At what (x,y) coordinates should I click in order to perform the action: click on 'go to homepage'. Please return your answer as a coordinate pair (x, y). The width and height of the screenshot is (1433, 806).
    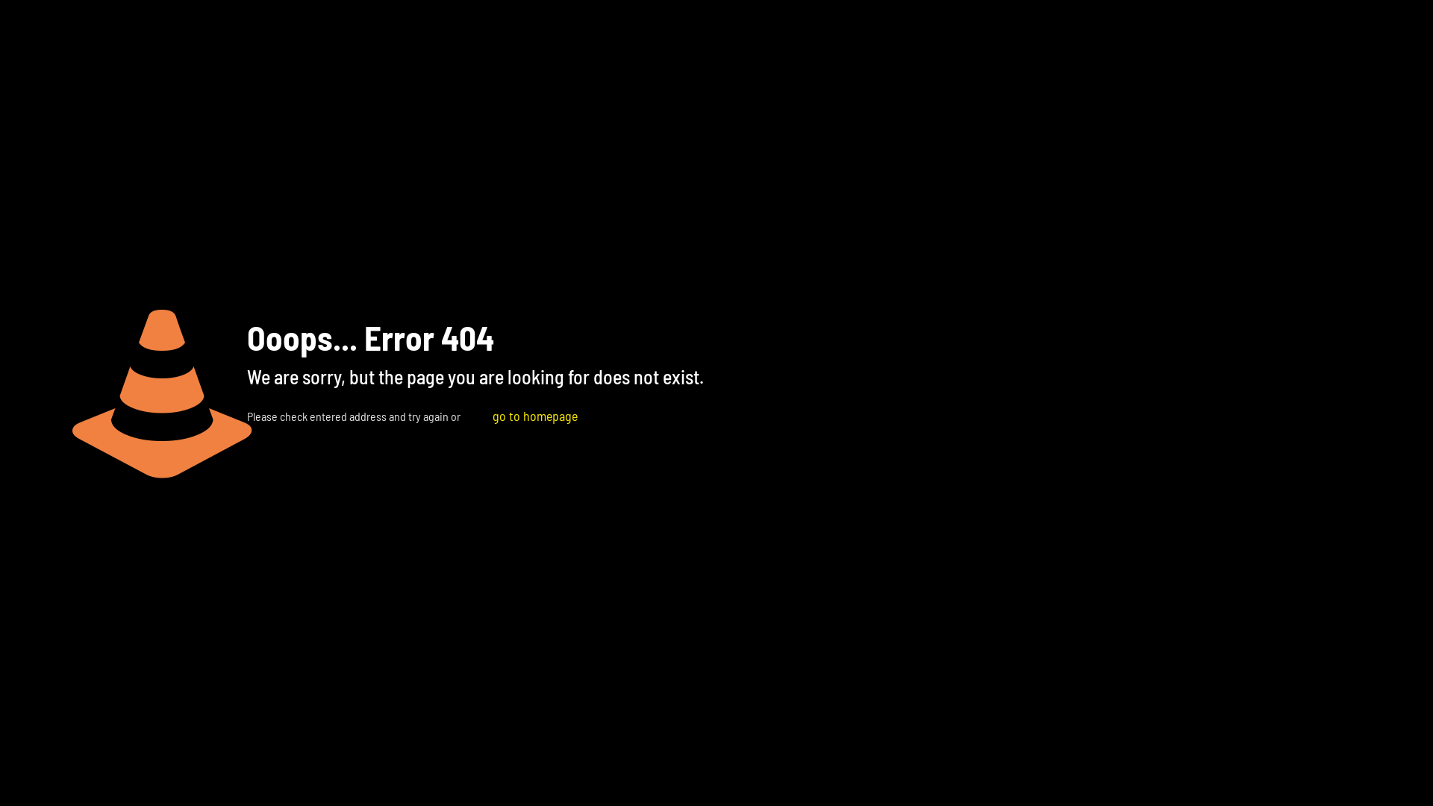
    Looking at the image, I should click on (534, 415).